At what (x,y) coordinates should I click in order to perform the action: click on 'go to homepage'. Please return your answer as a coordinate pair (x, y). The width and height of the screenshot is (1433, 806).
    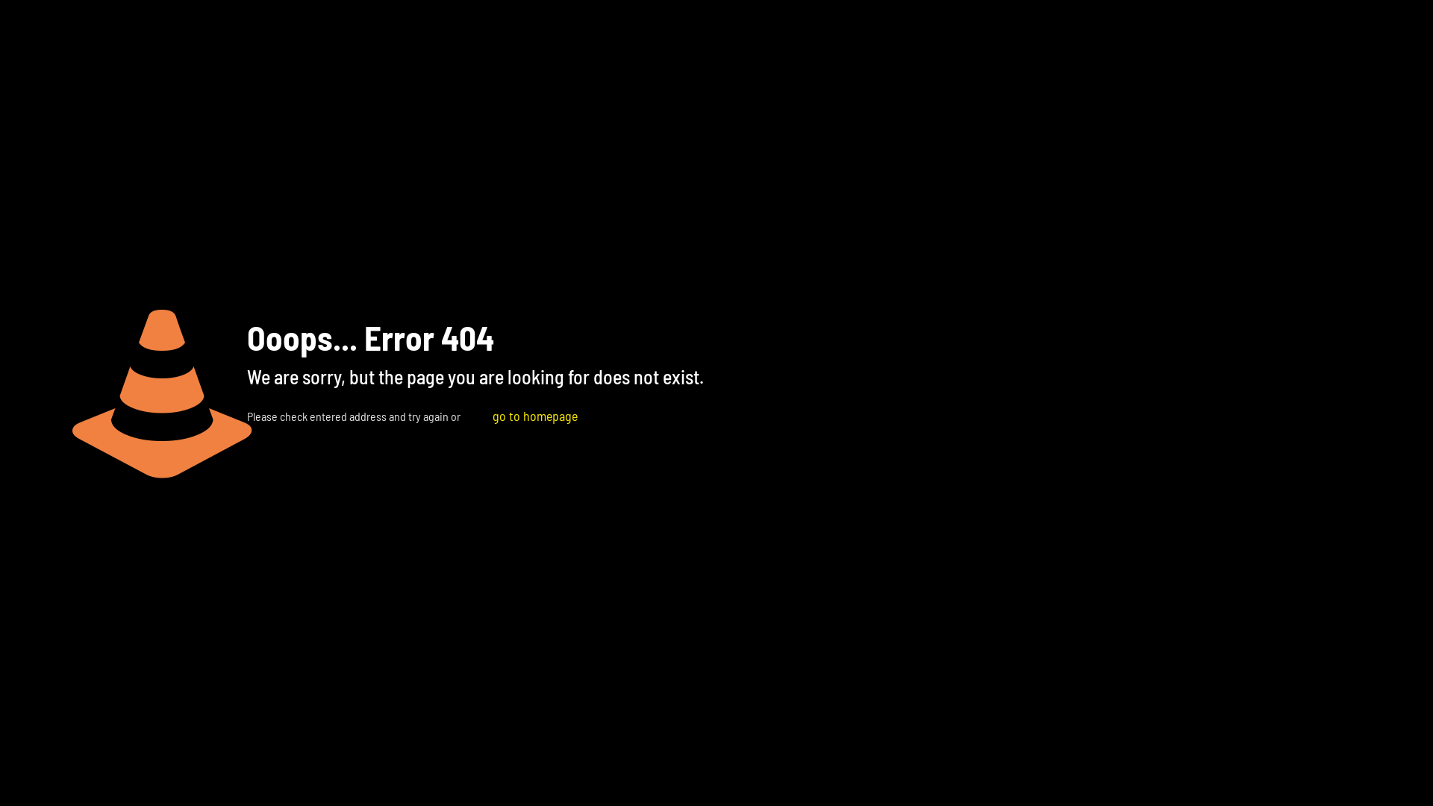
    Looking at the image, I should click on (534, 415).